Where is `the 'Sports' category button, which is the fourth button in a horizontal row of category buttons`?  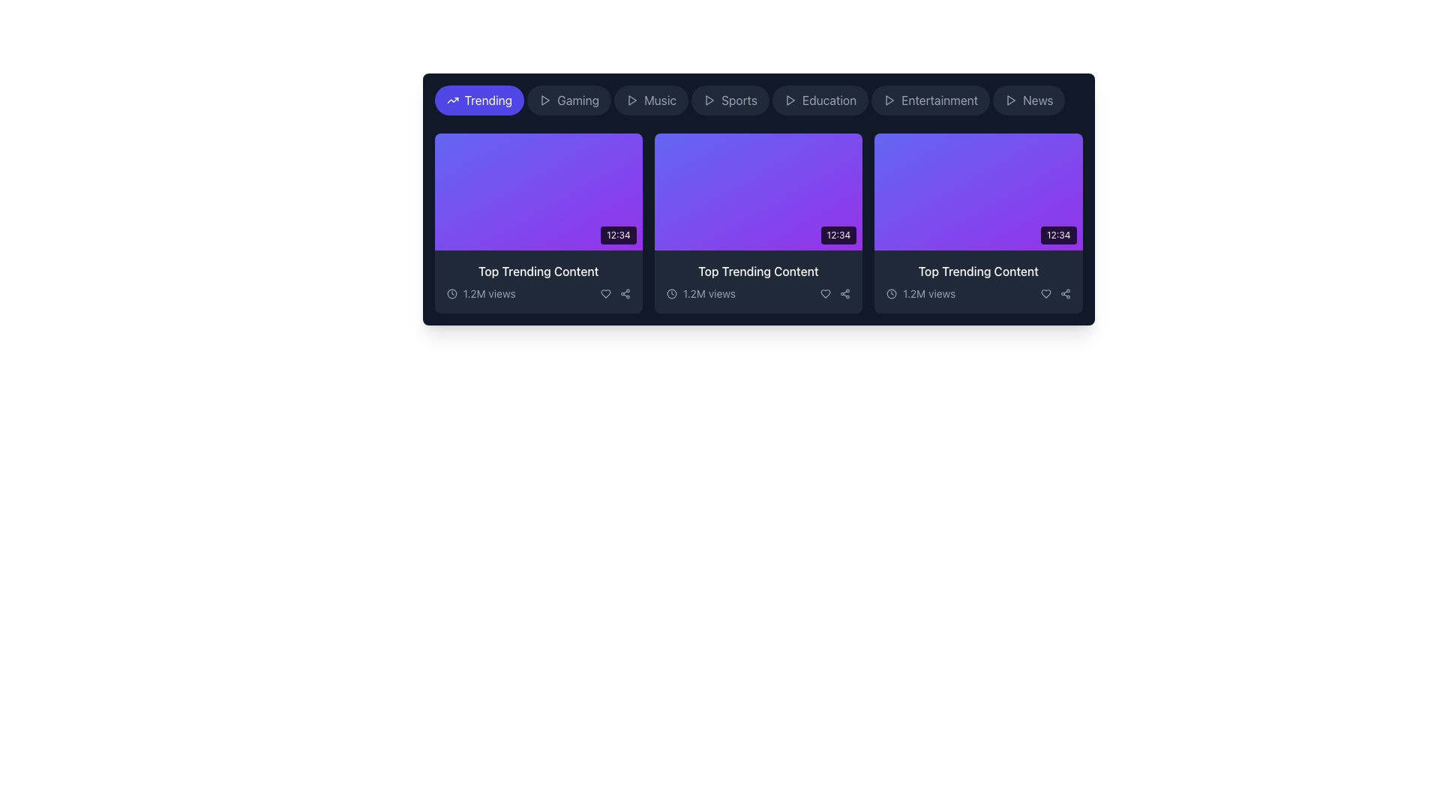 the 'Sports' category button, which is the fourth button in a horizontal row of category buttons is located at coordinates (730, 100).